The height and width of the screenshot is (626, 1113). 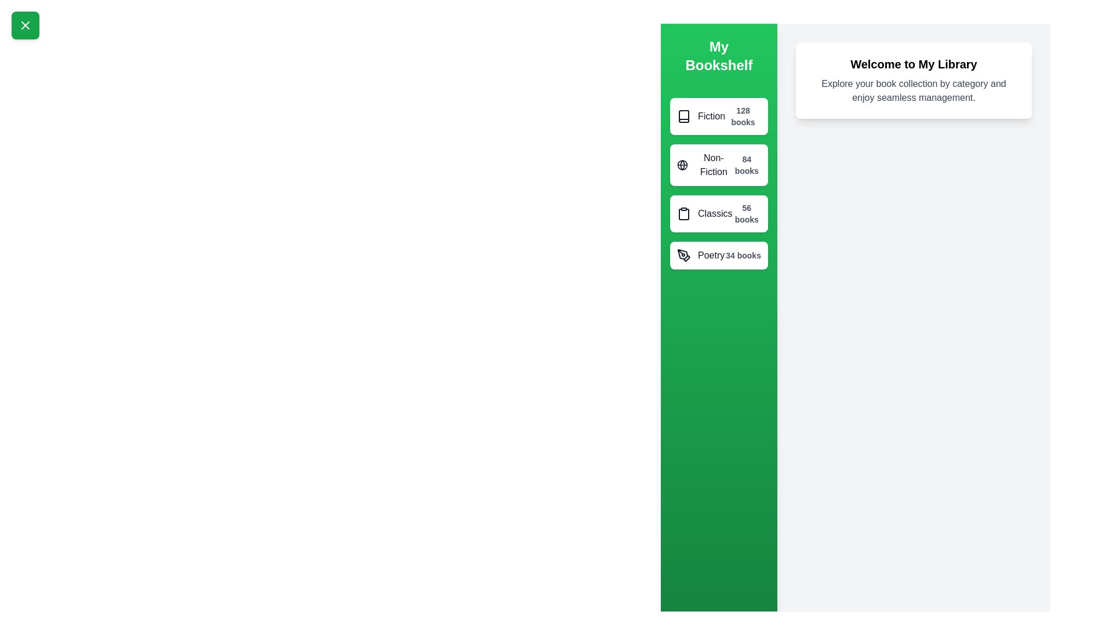 I want to click on the card corresponding to the Fiction category, so click(x=718, y=116).